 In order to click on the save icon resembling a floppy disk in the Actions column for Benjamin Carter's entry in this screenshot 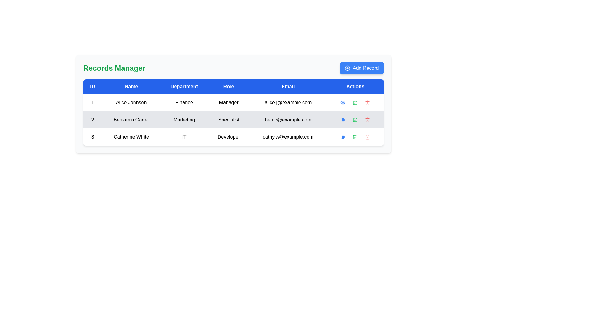, I will do `click(355, 102)`.